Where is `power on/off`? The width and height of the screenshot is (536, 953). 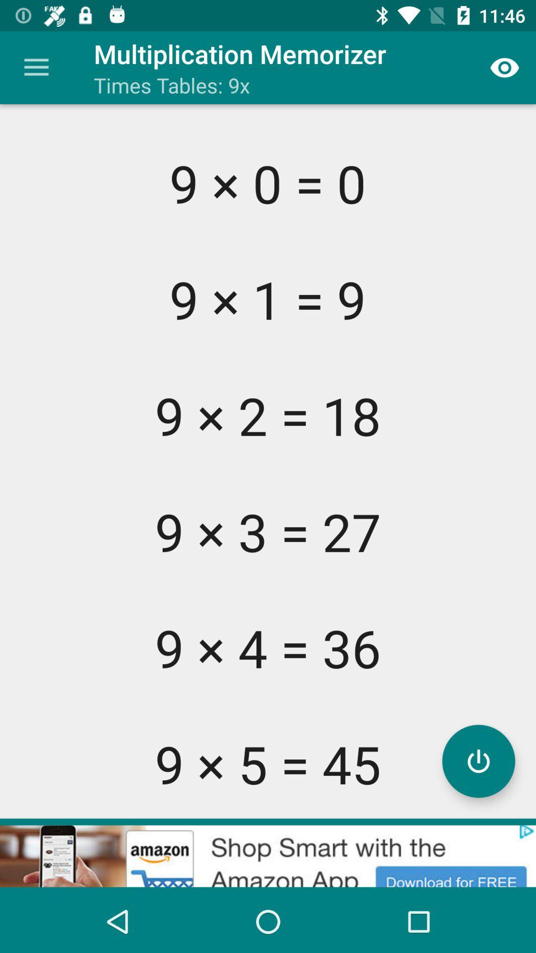
power on/off is located at coordinates (478, 760).